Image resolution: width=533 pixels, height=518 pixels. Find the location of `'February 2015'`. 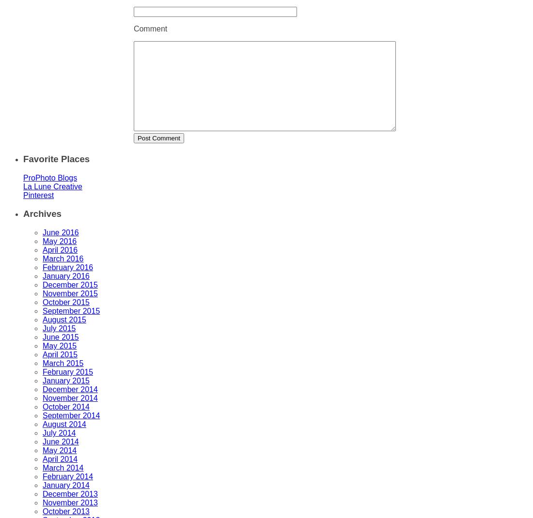

'February 2015' is located at coordinates (67, 371).